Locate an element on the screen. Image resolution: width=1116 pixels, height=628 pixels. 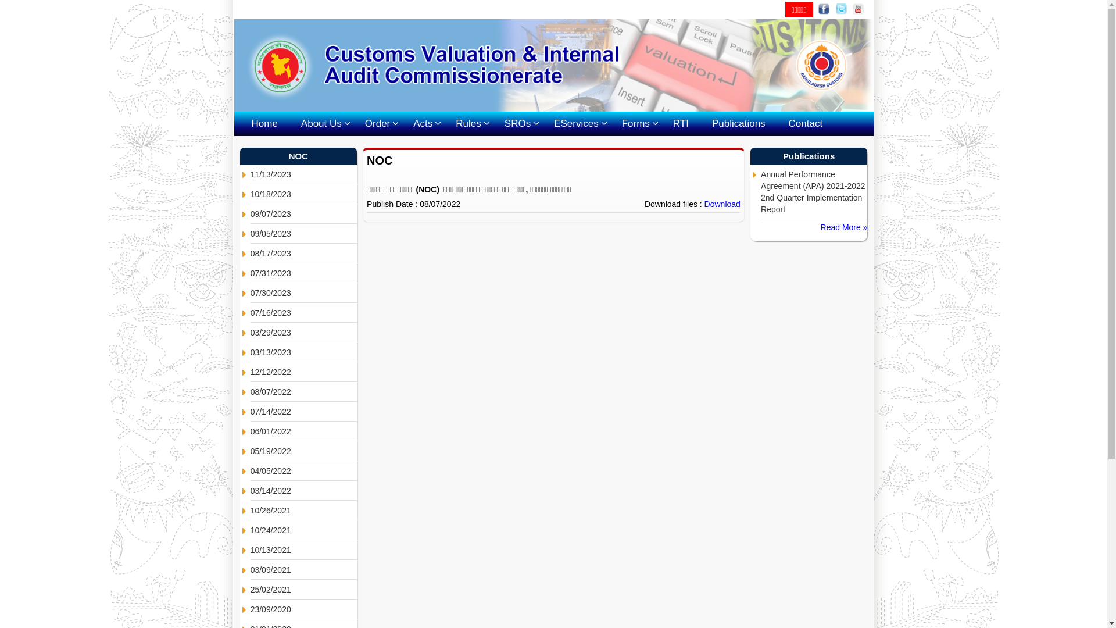
'12/12/2022' is located at coordinates (303, 372).